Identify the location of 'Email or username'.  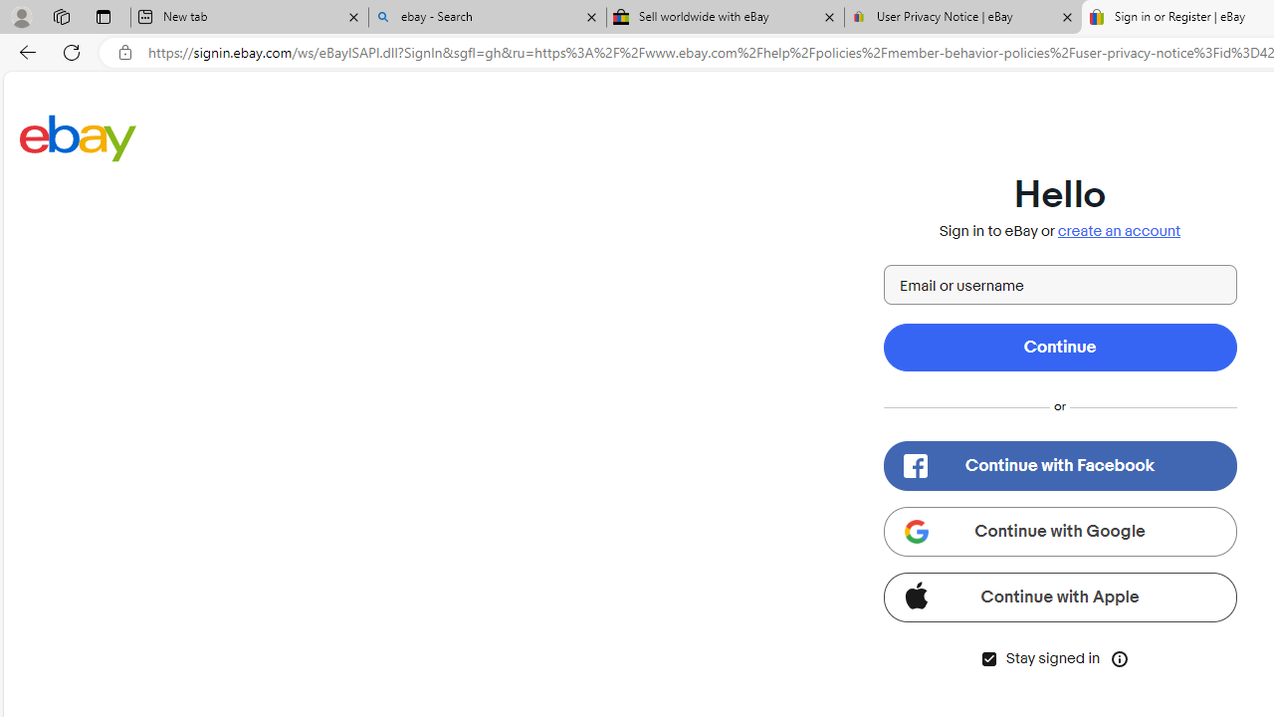
(1058, 285).